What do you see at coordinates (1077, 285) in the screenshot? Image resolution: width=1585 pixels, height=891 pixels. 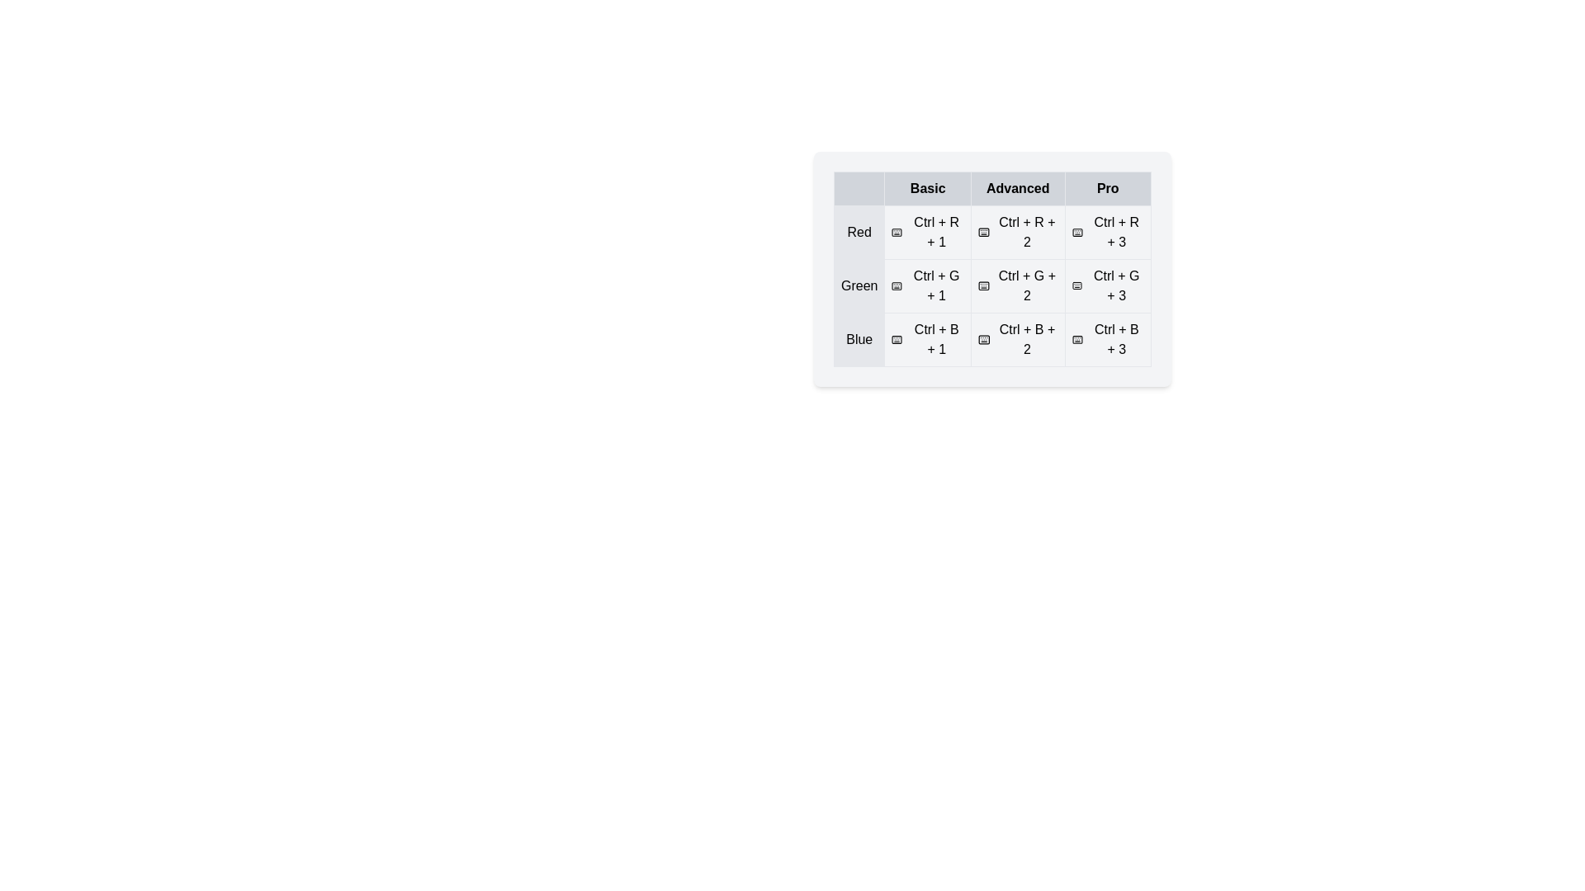 I see `the keyboard icon located in the third column of the second row of the table, positioned within the 'Pro' column and 'Green' row, for informational purposes` at bounding box center [1077, 285].